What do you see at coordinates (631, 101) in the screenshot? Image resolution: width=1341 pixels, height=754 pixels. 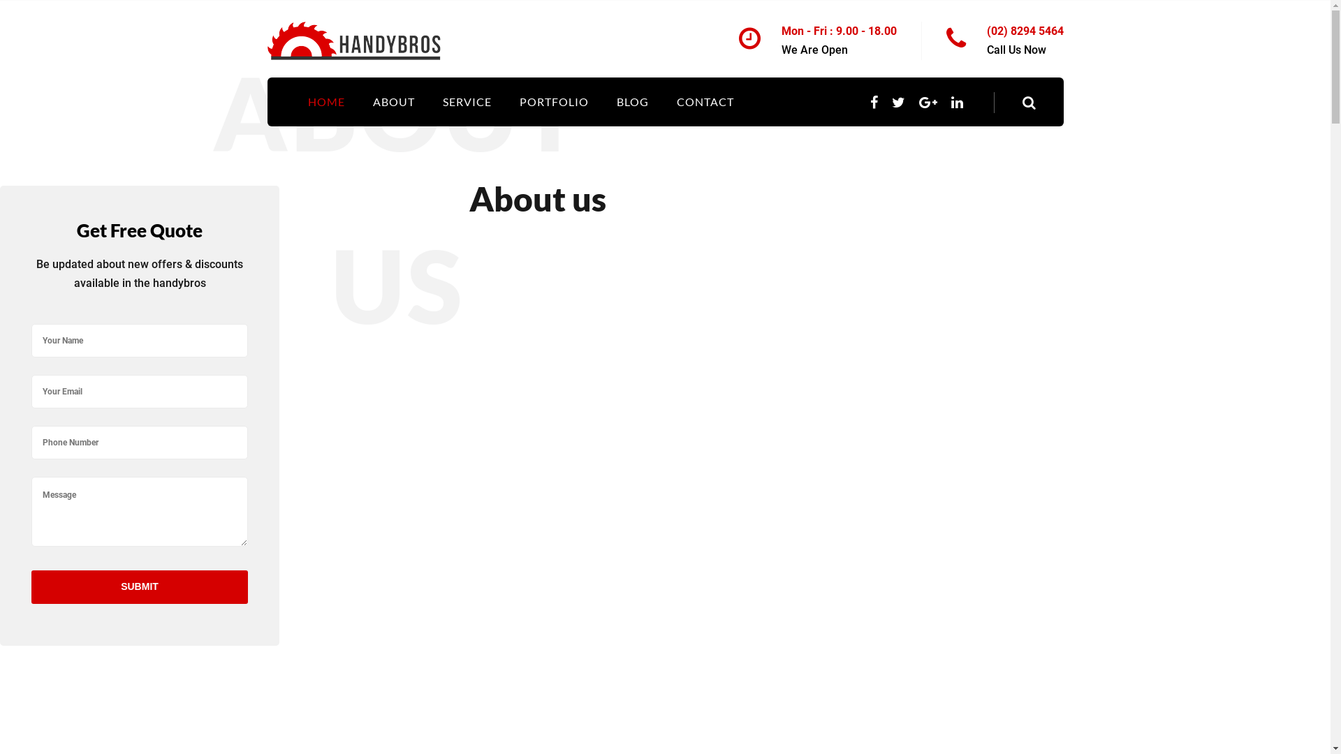 I see `'BLOG'` at bounding box center [631, 101].